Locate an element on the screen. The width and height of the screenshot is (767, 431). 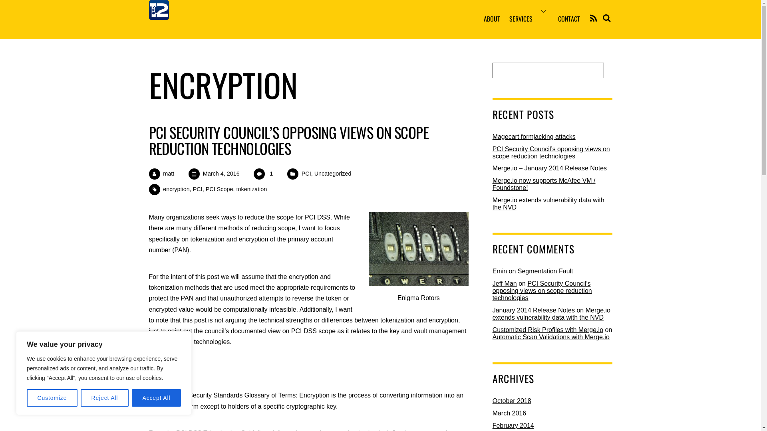
'Uncategorized' is located at coordinates (333, 173).